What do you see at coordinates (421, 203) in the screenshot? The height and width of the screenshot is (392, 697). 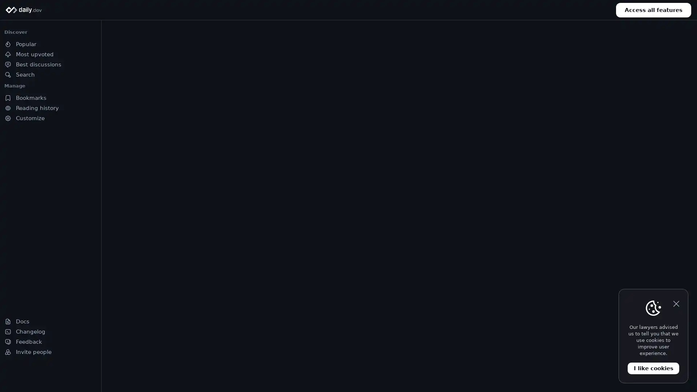 I see `Upvote` at bounding box center [421, 203].